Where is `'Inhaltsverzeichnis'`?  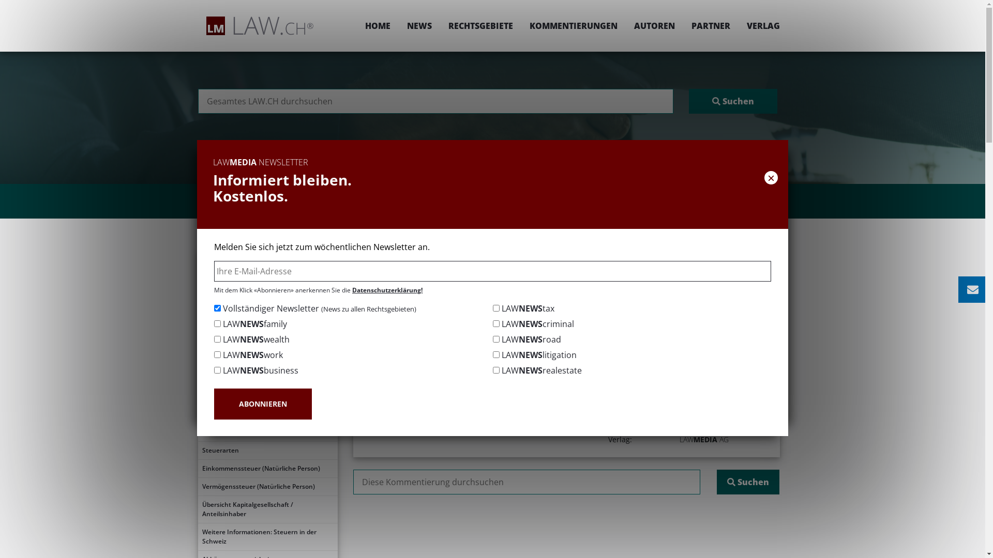 'Inhaltsverzeichnis' is located at coordinates (267, 287).